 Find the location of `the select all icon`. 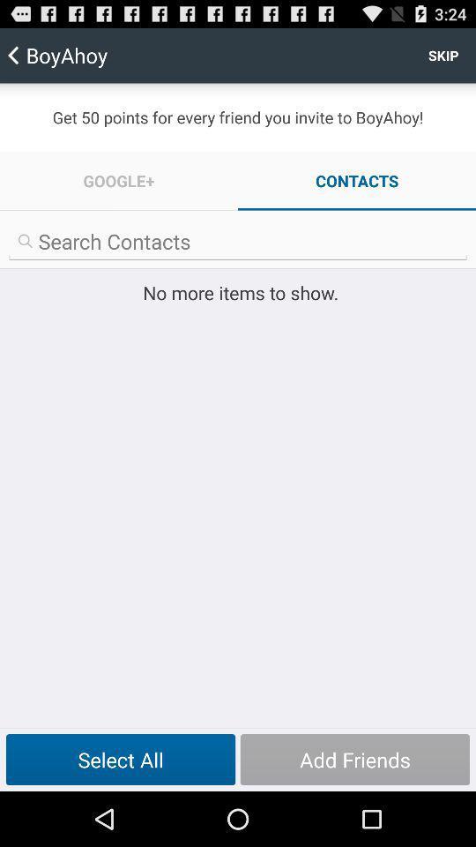

the select all icon is located at coordinates (120, 759).